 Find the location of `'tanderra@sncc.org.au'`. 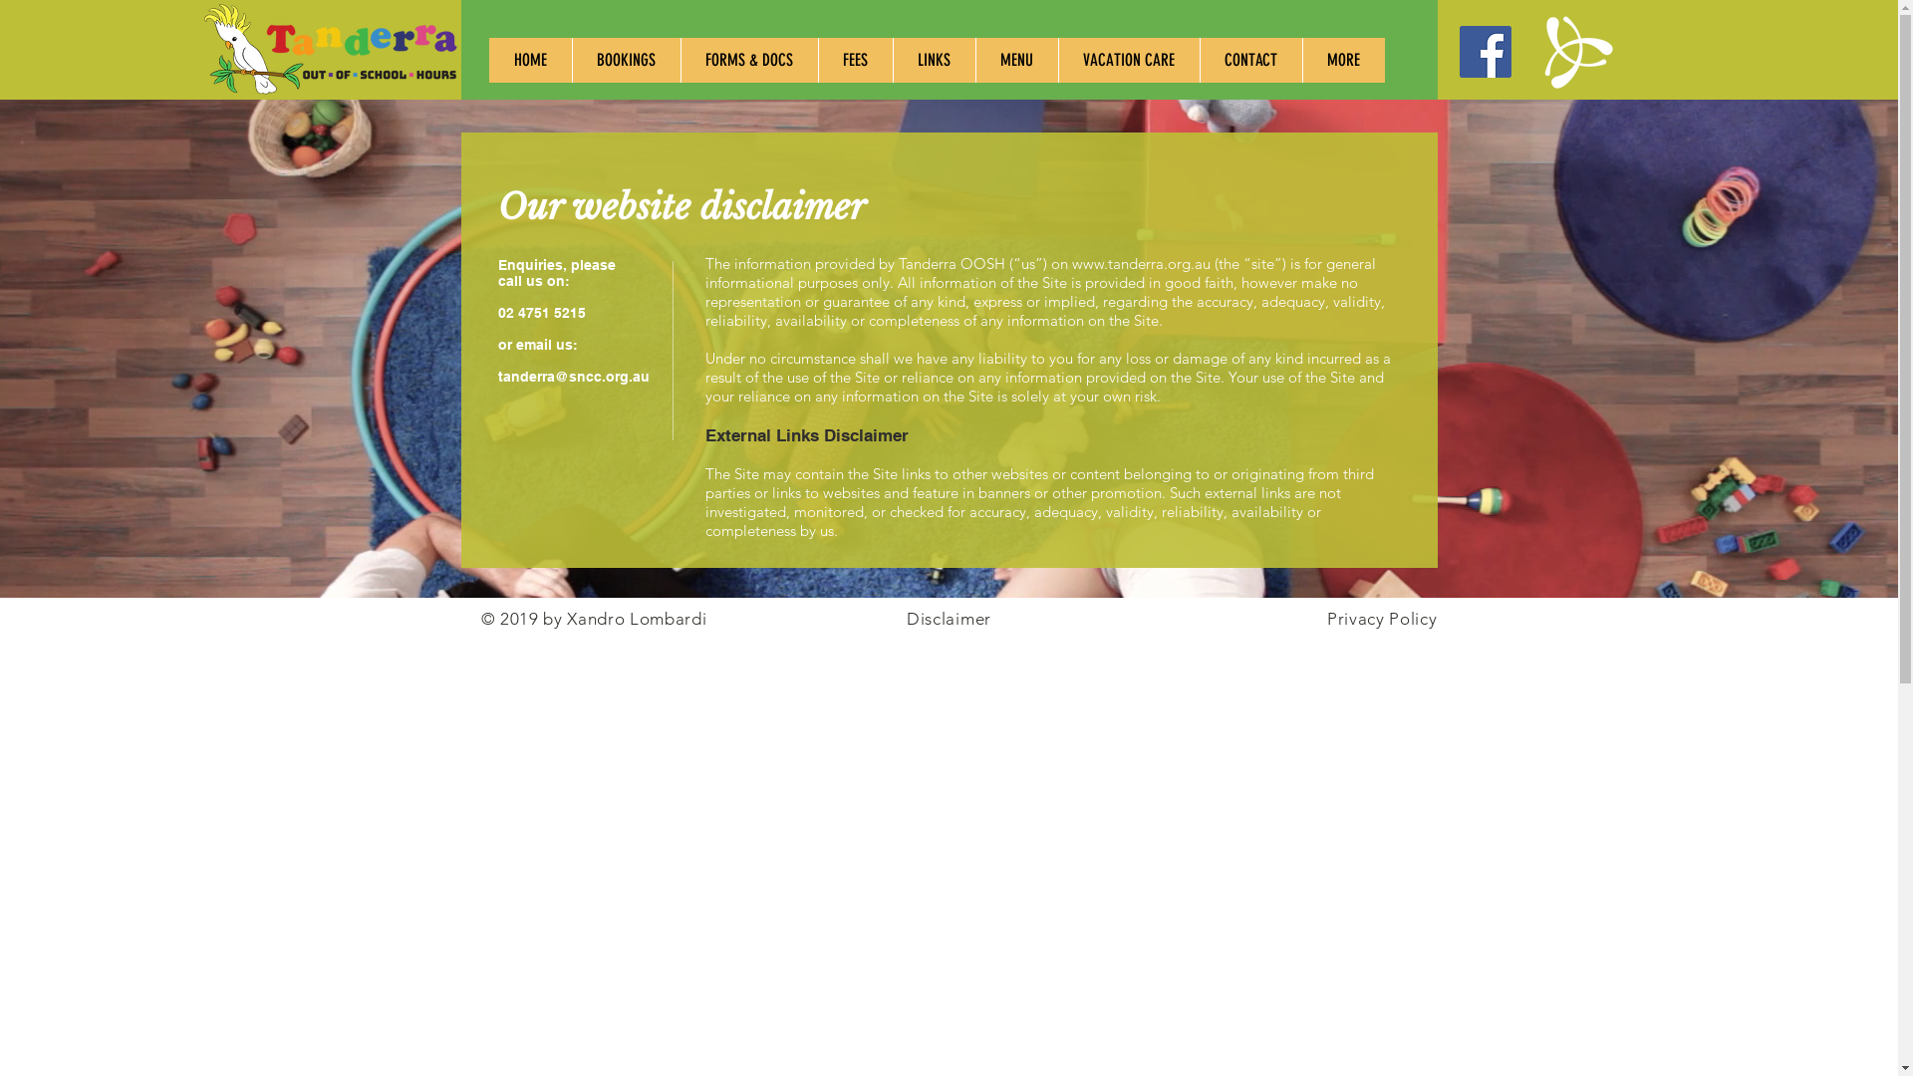

'tanderra@sncc.org.au' is located at coordinates (573, 377).